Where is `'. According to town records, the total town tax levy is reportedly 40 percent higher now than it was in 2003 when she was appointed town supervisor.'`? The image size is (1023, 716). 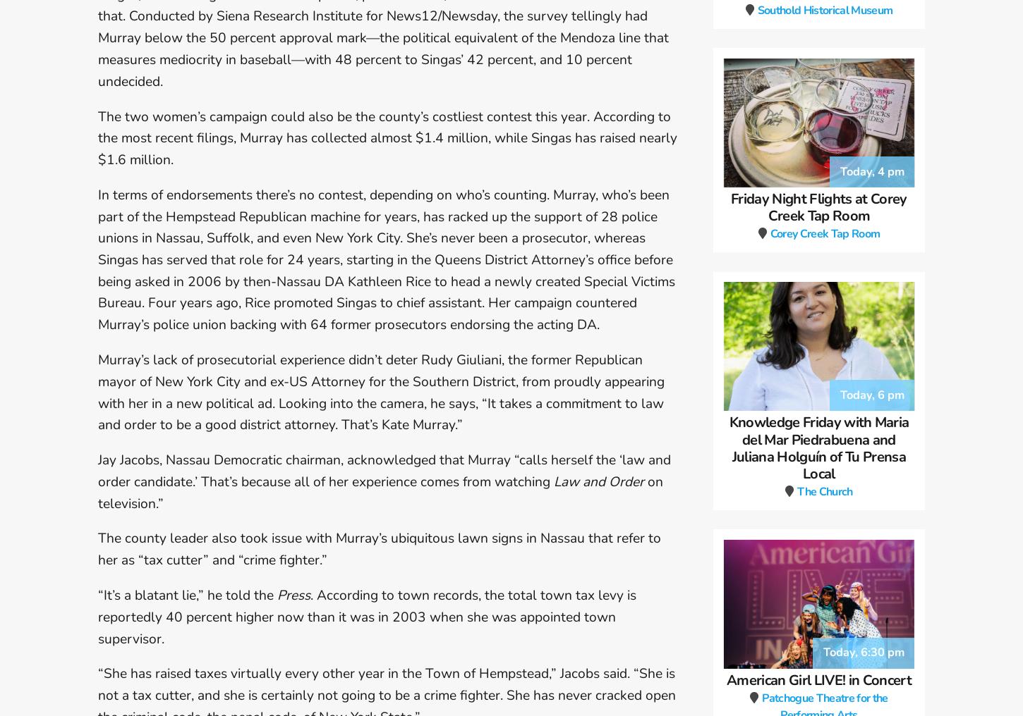 '. According to town records, the total town tax levy is reportedly 40 percent higher now than it was in 2003 when she was appointed town supervisor.' is located at coordinates (367, 617).